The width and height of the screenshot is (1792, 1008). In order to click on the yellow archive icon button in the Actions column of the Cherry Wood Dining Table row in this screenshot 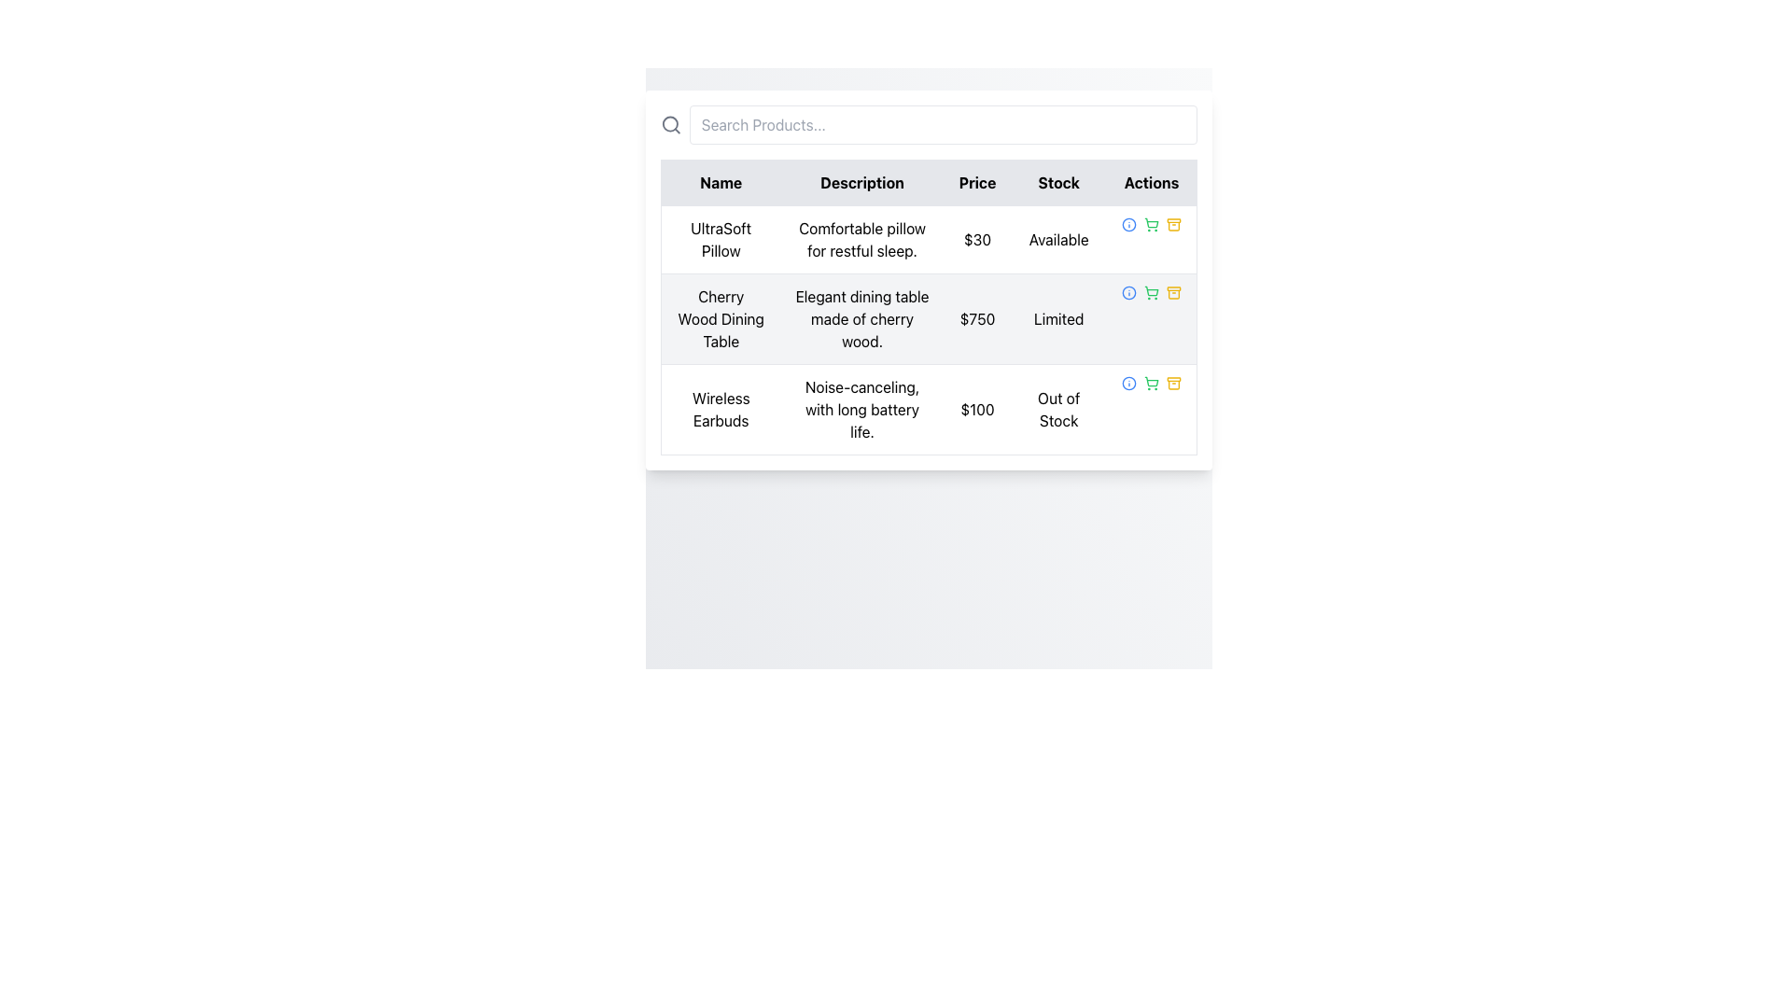, I will do `click(1172, 292)`.